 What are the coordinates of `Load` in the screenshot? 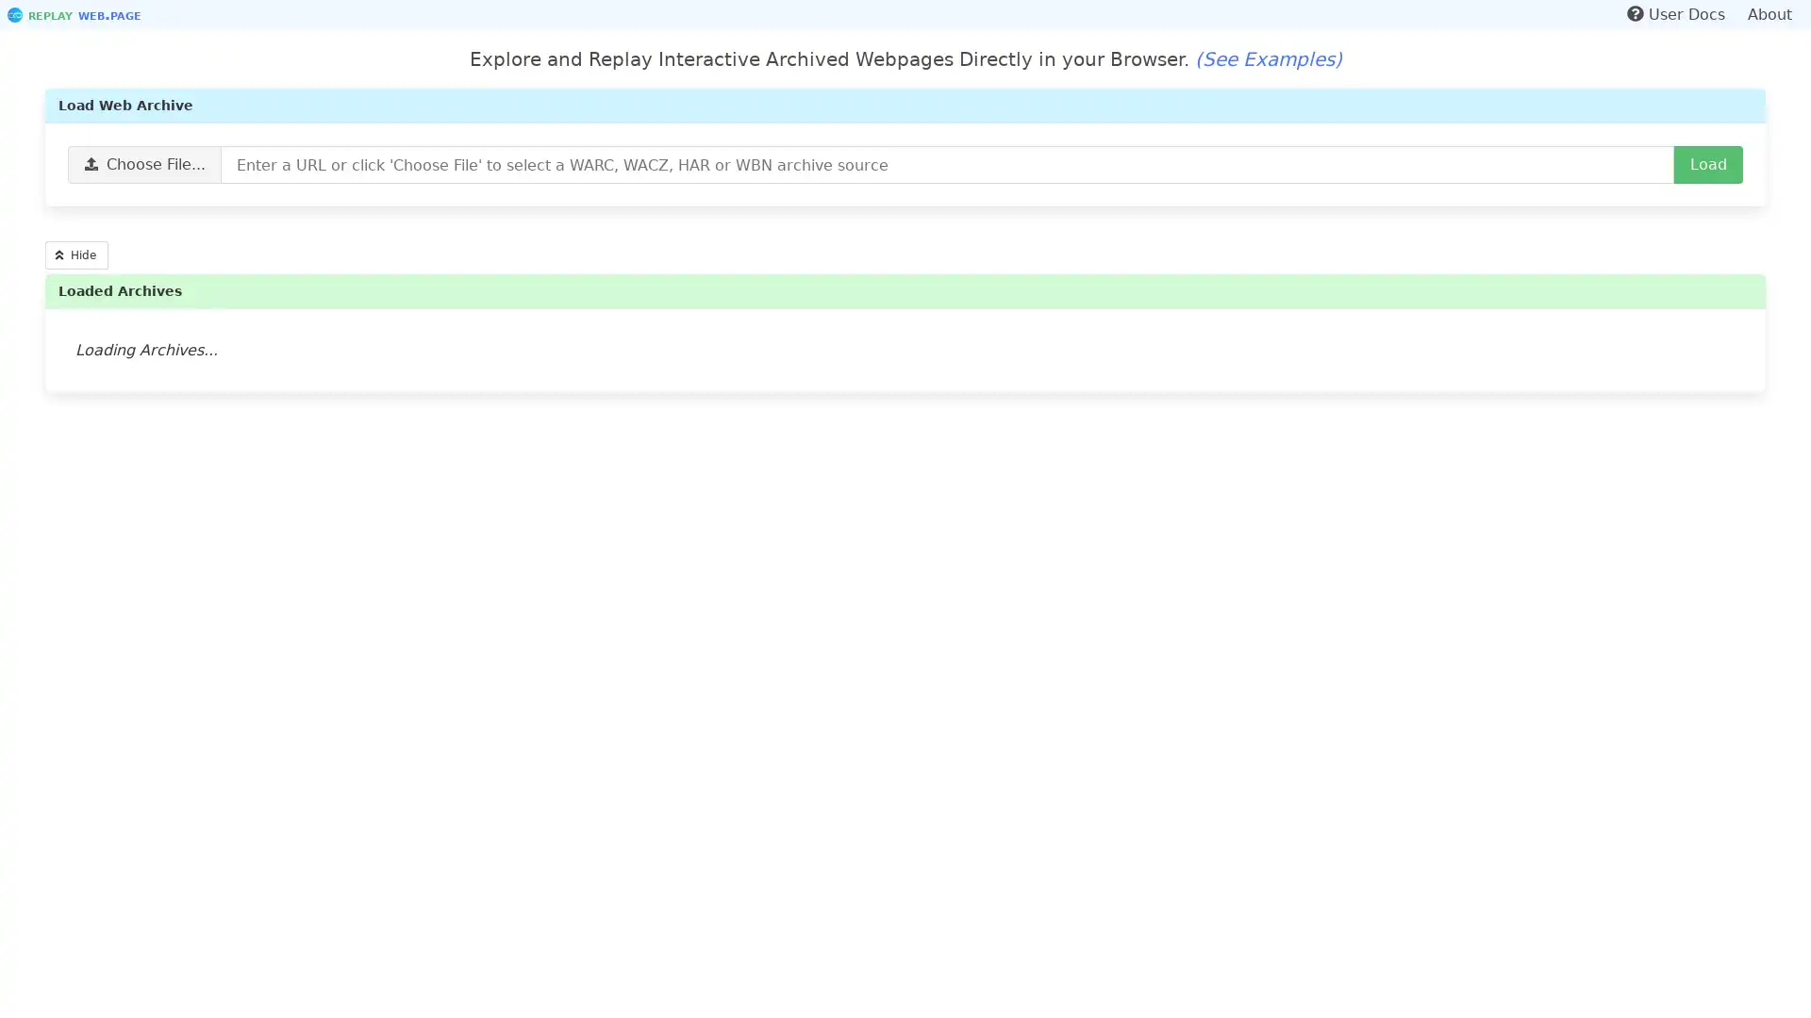 It's located at (1708, 163).